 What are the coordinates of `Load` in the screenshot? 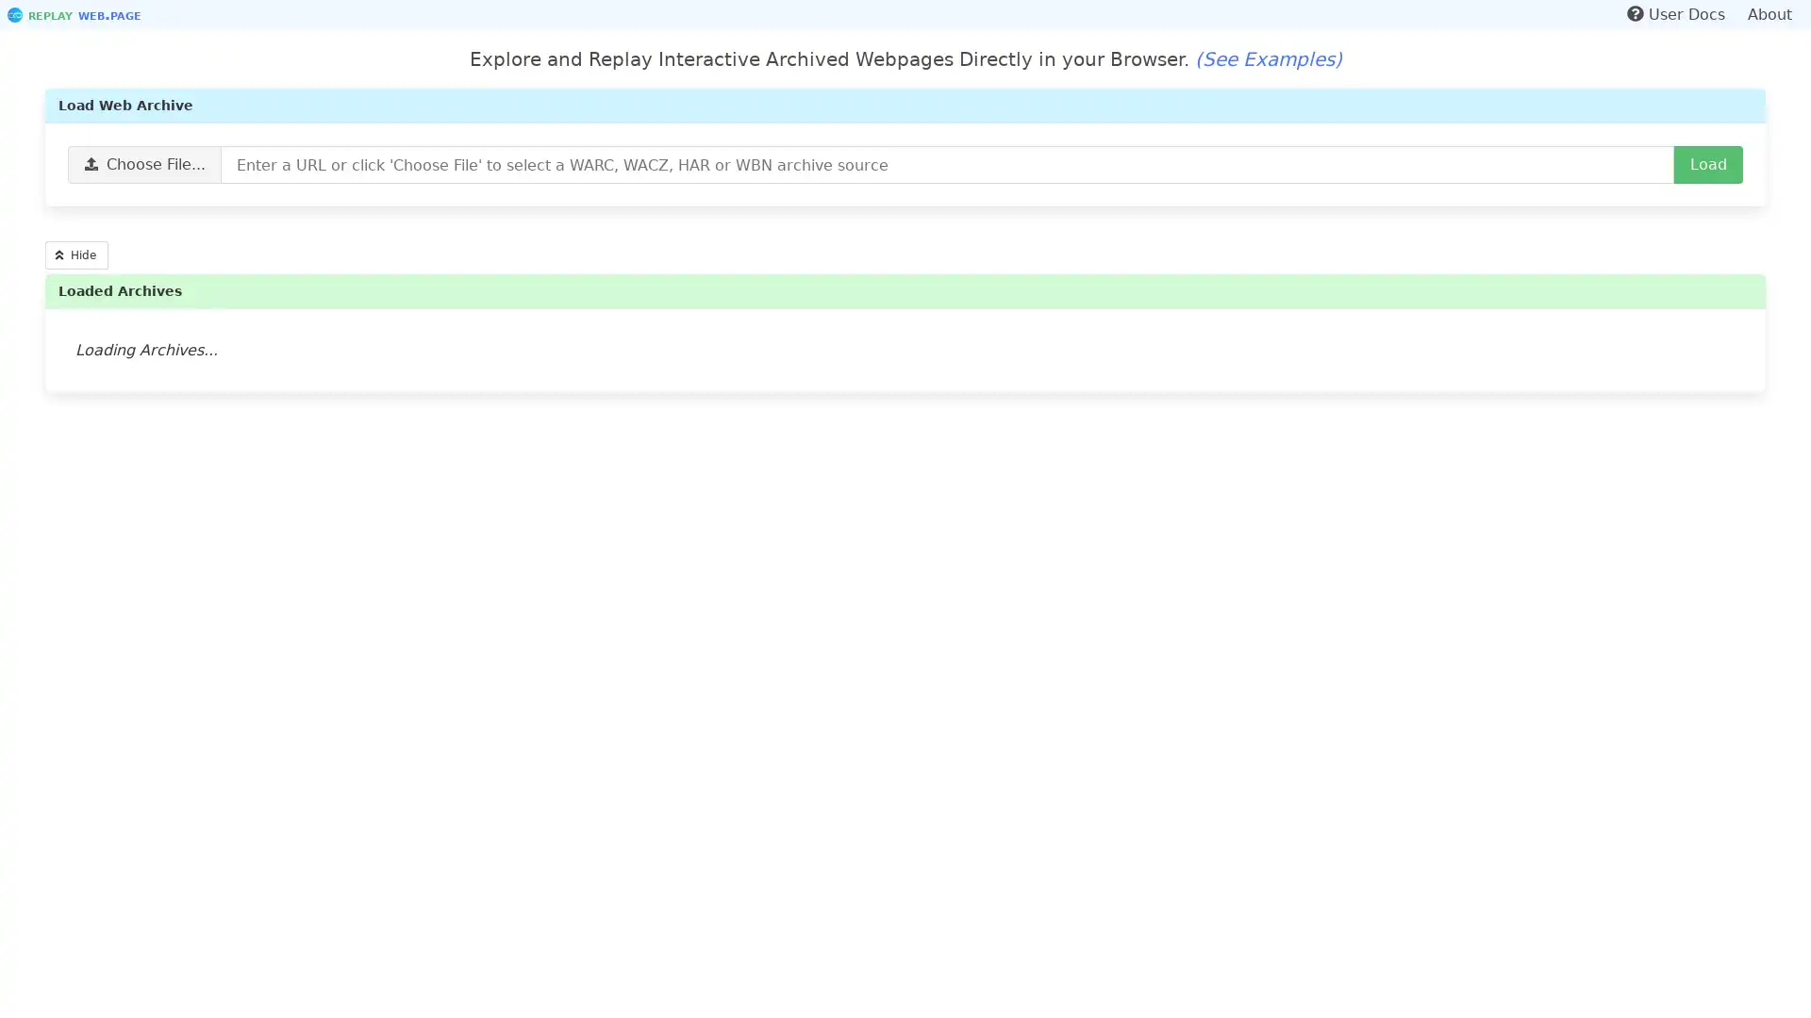 It's located at (1708, 163).